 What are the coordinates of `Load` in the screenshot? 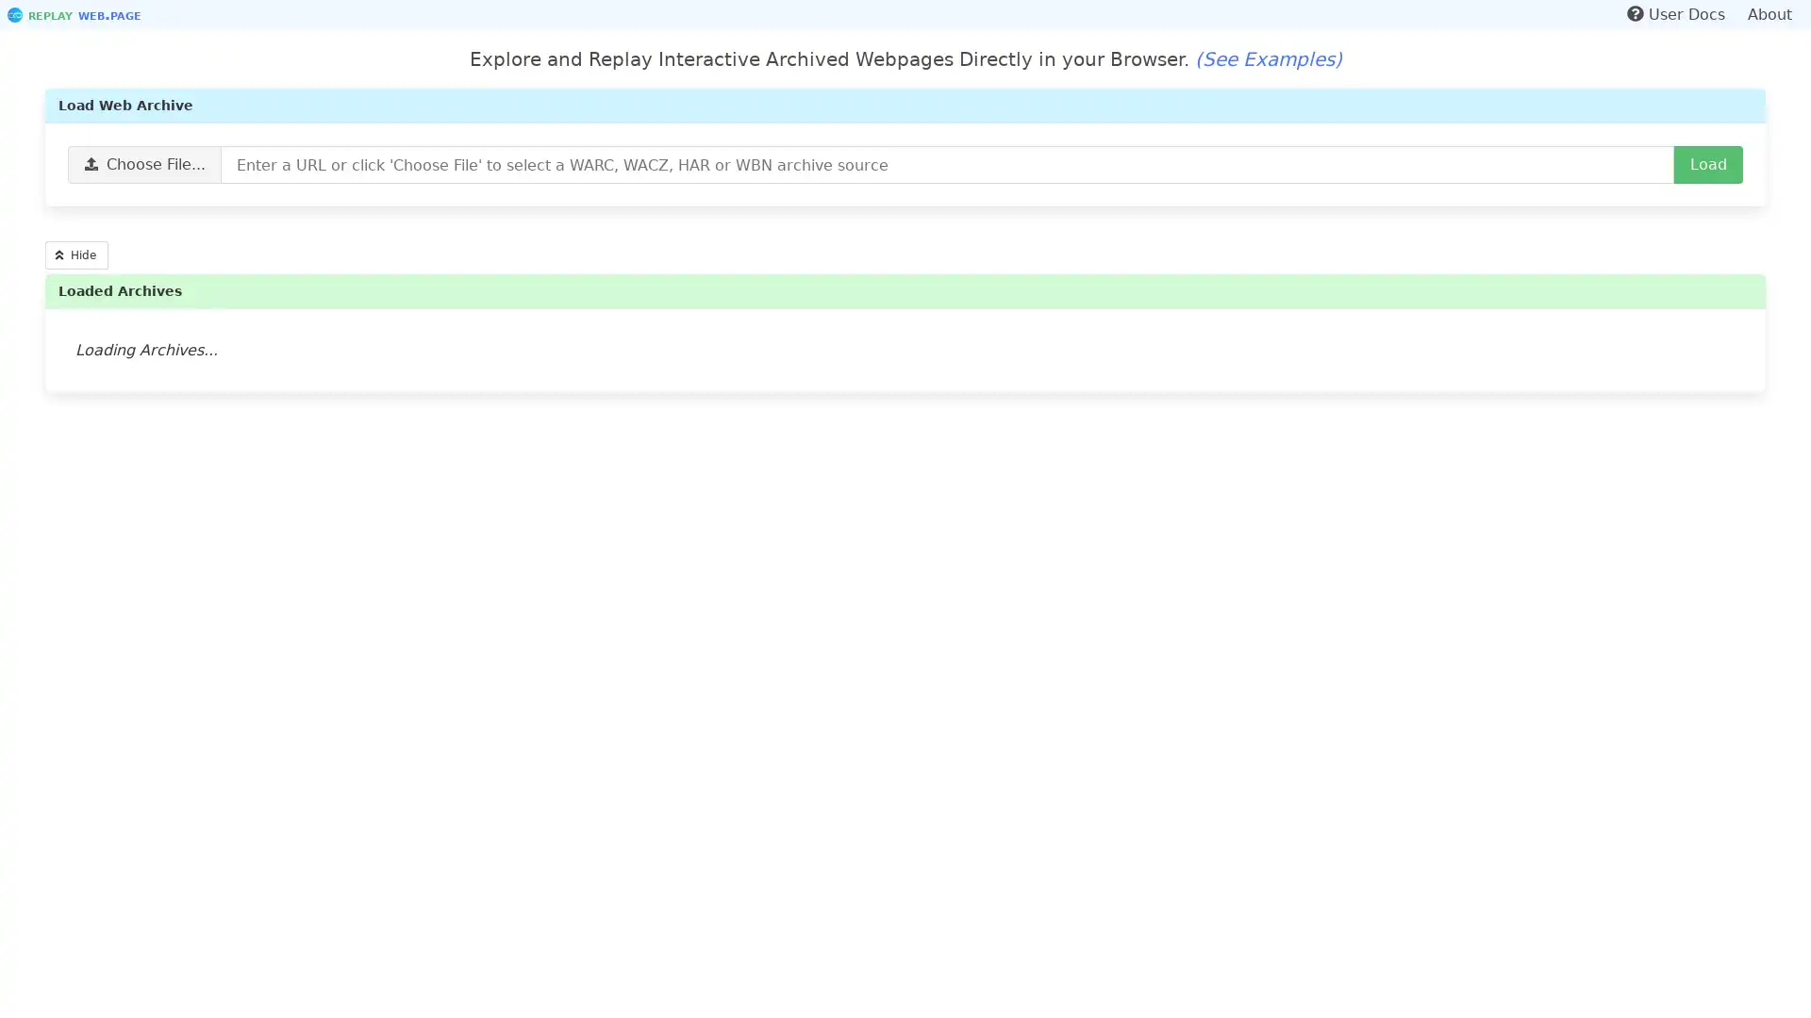 It's located at (1708, 163).